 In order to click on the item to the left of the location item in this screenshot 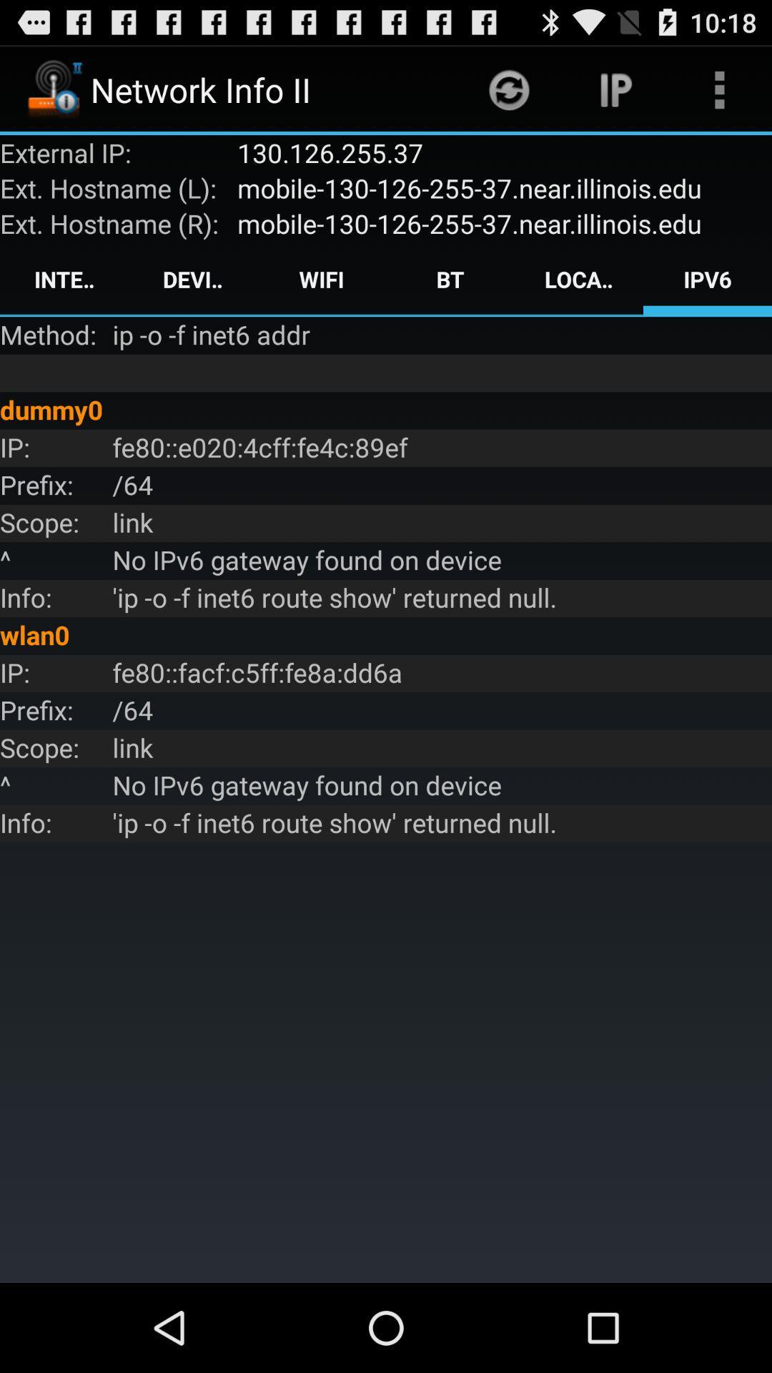, I will do `click(449, 279)`.